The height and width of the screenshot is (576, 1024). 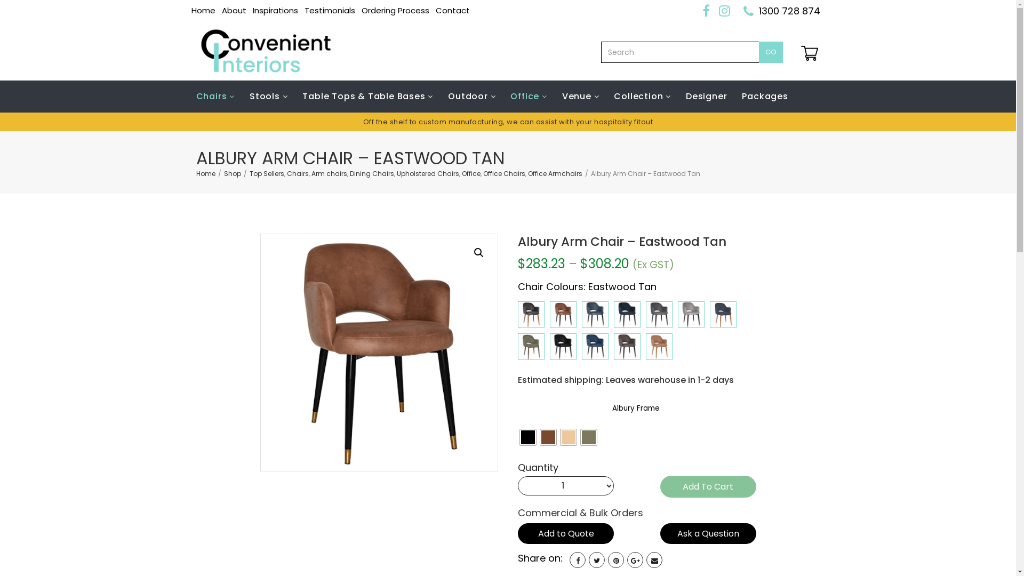 I want to click on 'About', so click(x=233, y=10).